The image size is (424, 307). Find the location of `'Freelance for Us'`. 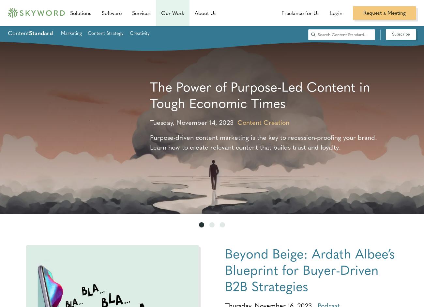

'Freelance for Us' is located at coordinates (300, 13).